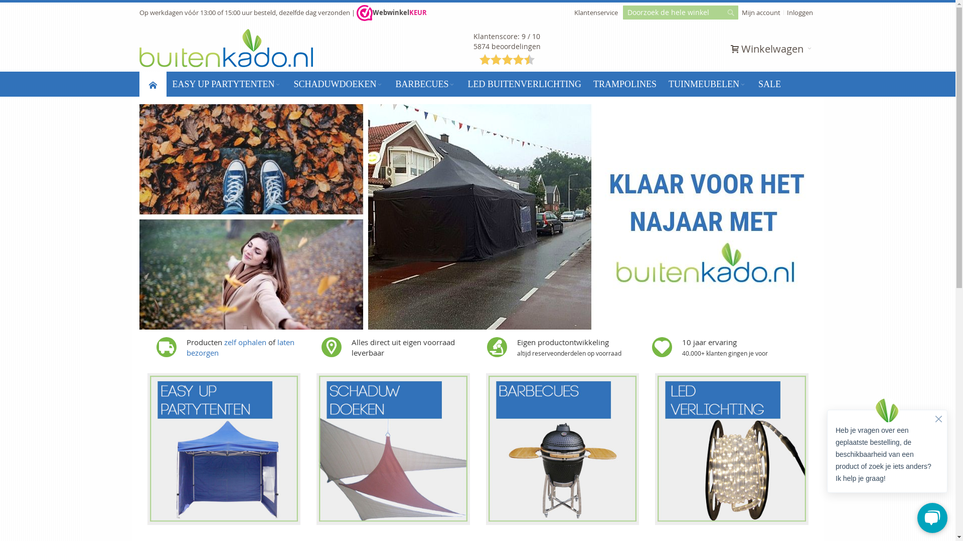 The height and width of the screenshot is (541, 963). I want to click on 'Keurmerk webwinkel', so click(356, 13).